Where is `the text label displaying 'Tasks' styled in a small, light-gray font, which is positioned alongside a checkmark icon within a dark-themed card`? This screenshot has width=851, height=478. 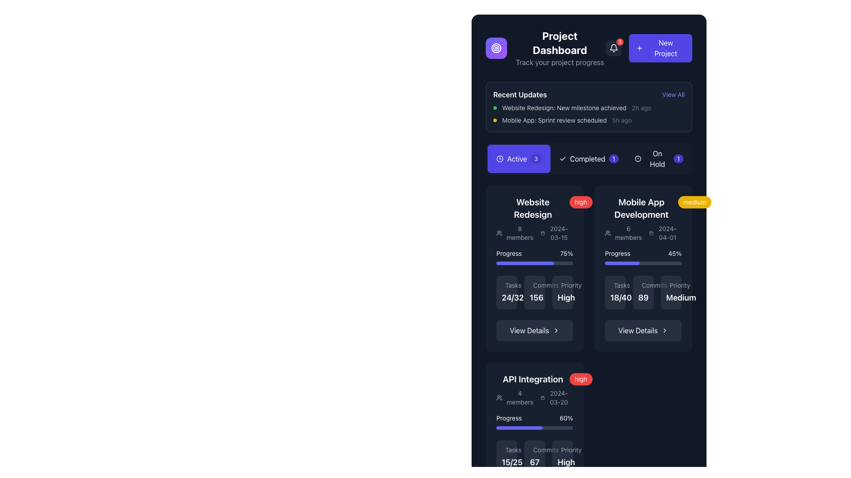
the text label displaying 'Tasks' styled in a small, light-gray font, which is positioned alongside a checkmark icon within a dark-themed card is located at coordinates (507, 285).